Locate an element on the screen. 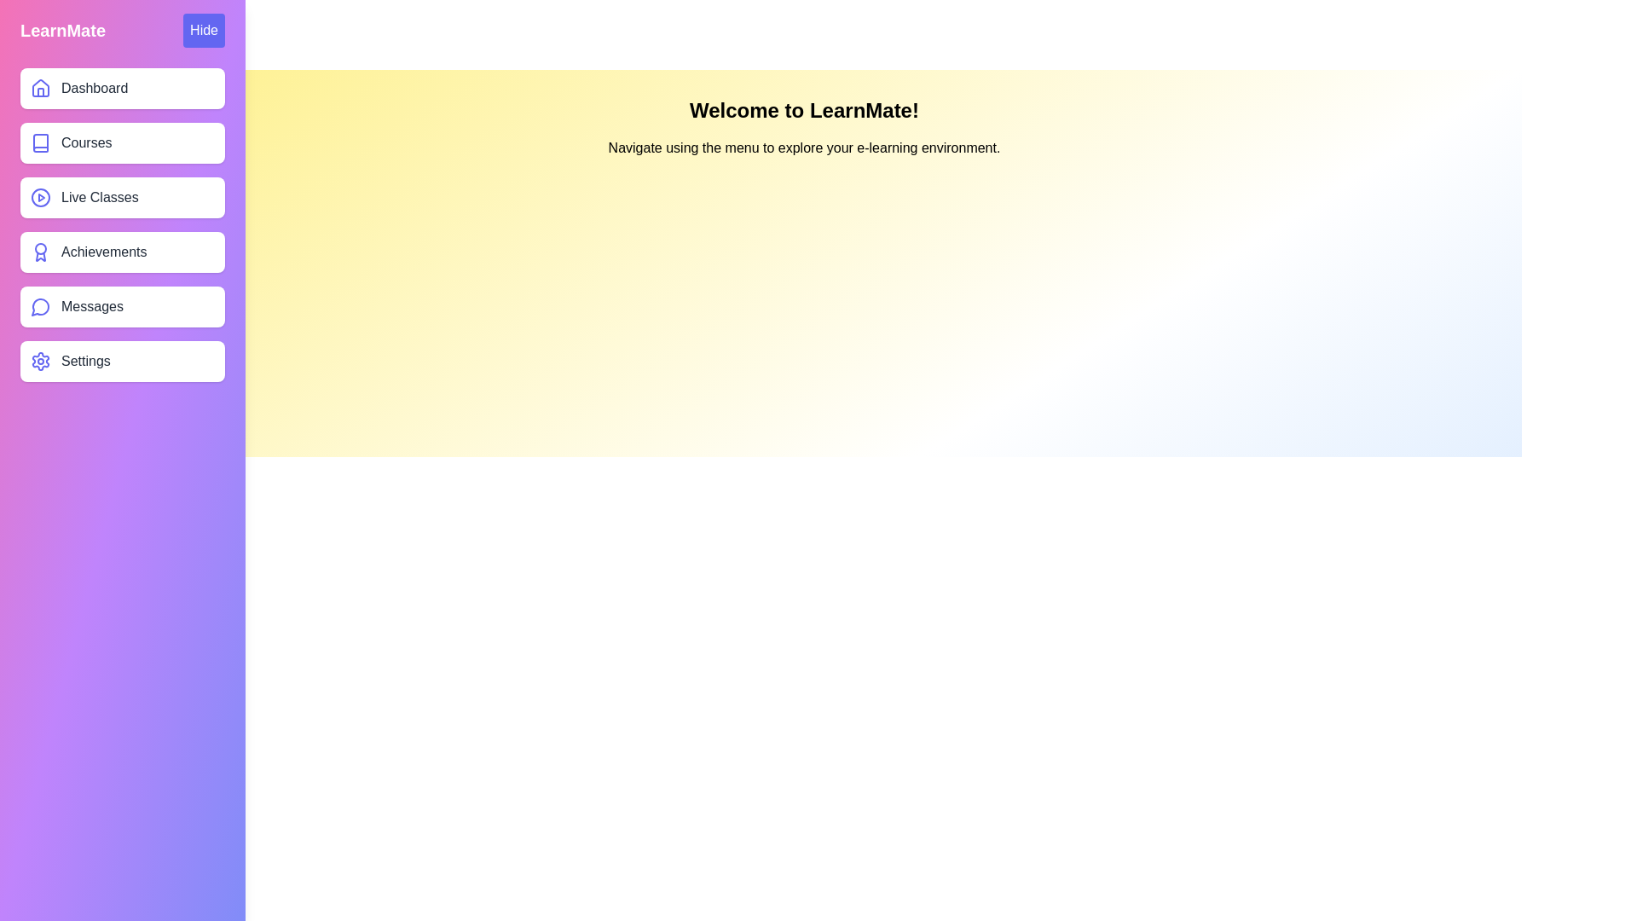 This screenshot has width=1637, height=921. the menu item labeled Dashboard is located at coordinates (122, 89).